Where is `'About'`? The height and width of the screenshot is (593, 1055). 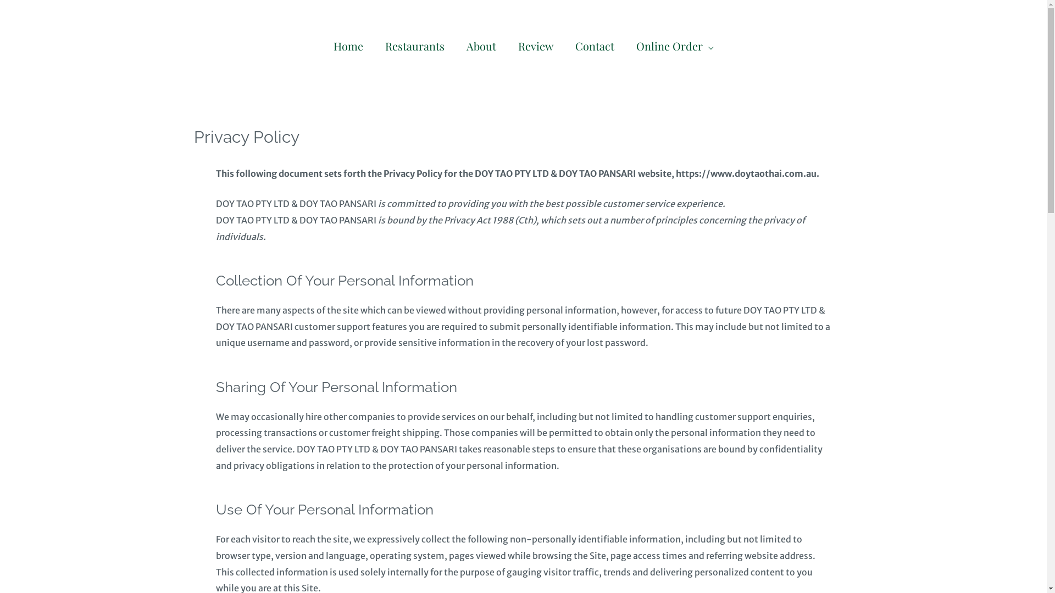 'About' is located at coordinates (455, 44).